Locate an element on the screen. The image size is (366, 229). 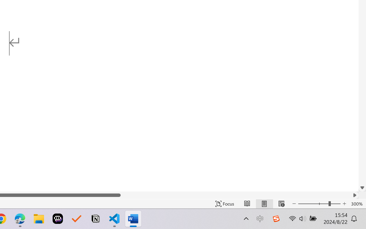
'Zoom' is located at coordinates (319, 204).